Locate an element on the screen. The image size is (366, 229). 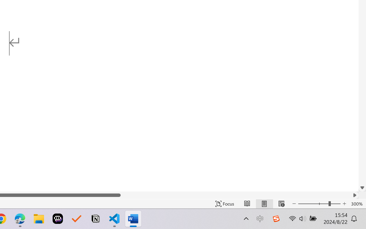
'Zoom' is located at coordinates (319, 204).